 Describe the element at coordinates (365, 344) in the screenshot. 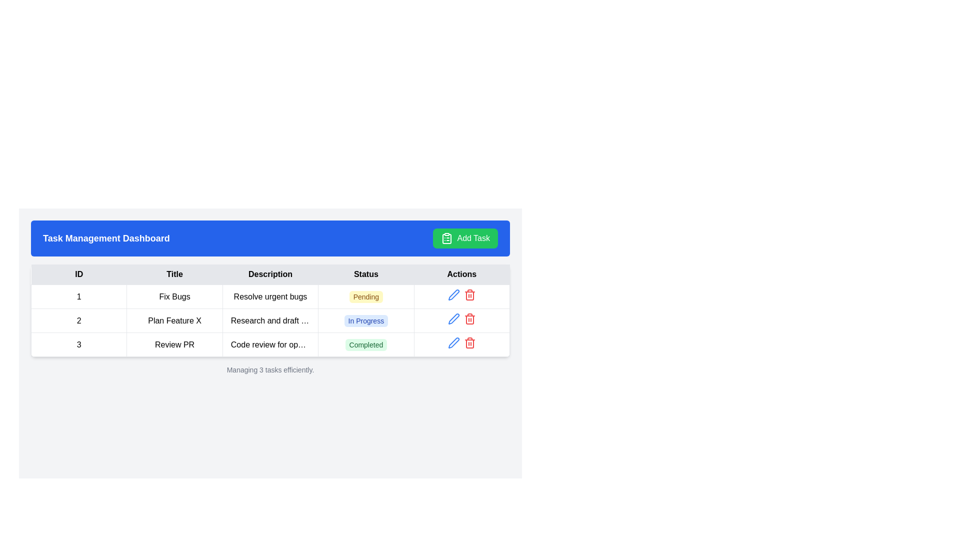

I see `status from the label displaying 'Completed' with green text and background, located in the 'Status' column of the third row of the table` at that location.